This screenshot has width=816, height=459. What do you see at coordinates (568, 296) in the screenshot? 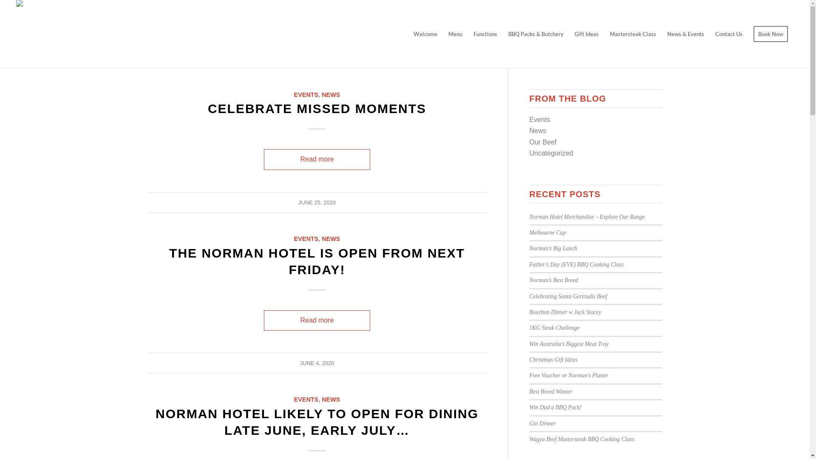
I see `'Celebrating Santa Gertrudis Beef'` at bounding box center [568, 296].